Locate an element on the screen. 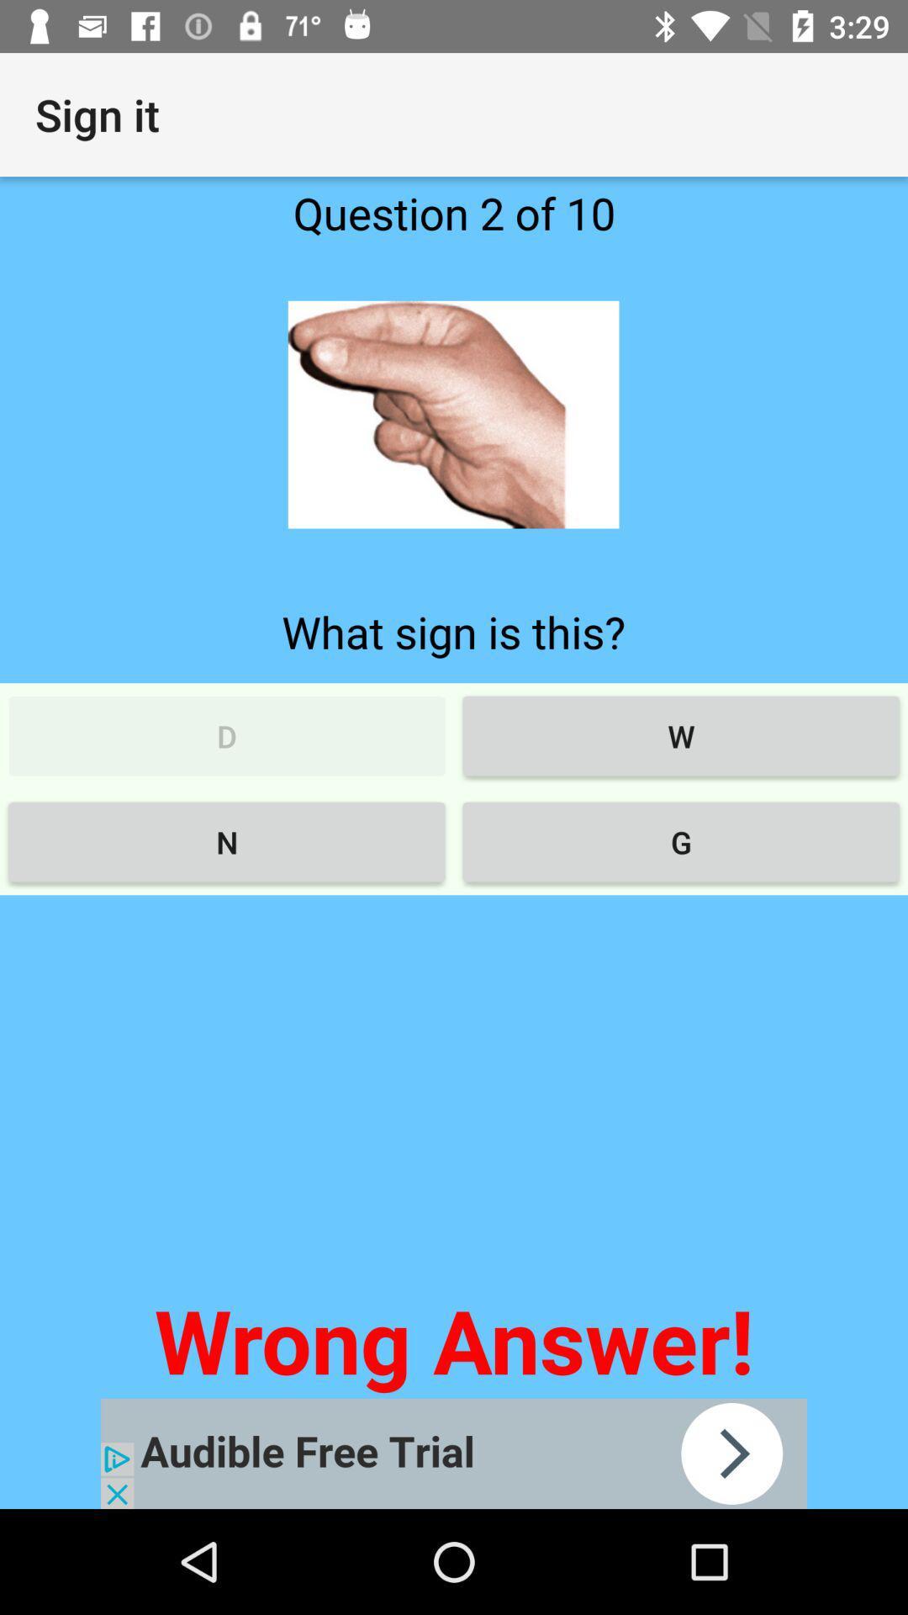  advertisement page is located at coordinates (454, 1453).